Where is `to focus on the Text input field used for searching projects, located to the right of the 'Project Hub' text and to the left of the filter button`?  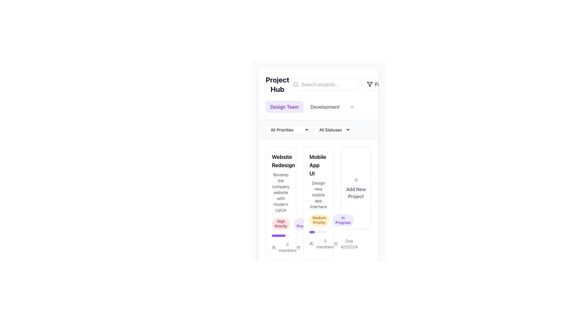 to focus on the Text input field used for searching projects, located to the right of the 'Project Hub' text and to the left of the filter button is located at coordinates (318, 84).